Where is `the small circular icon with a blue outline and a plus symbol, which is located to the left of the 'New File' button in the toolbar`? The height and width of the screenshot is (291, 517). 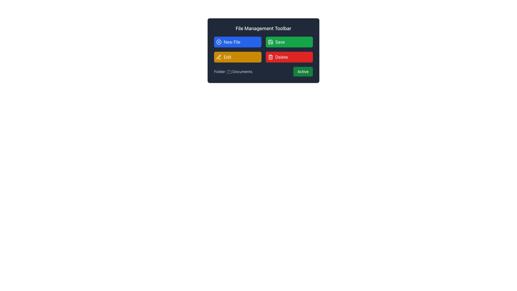 the small circular icon with a blue outline and a plus symbol, which is located to the left of the 'New File' button in the toolbar is located at coordinates (219, 41).